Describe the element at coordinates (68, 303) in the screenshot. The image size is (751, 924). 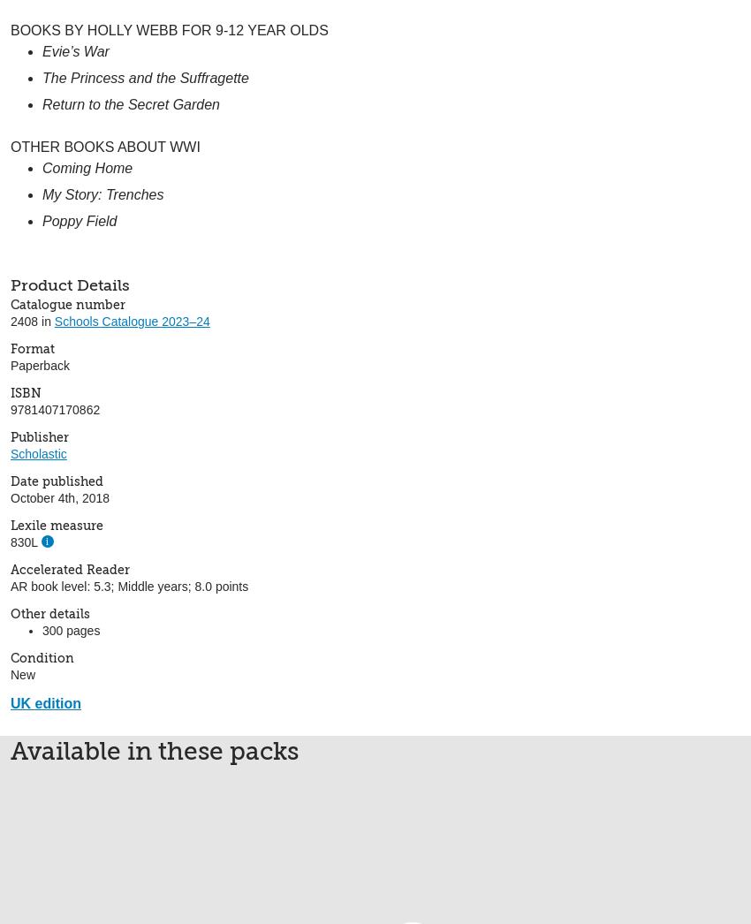
I see `'Catalogue number'` at that location.